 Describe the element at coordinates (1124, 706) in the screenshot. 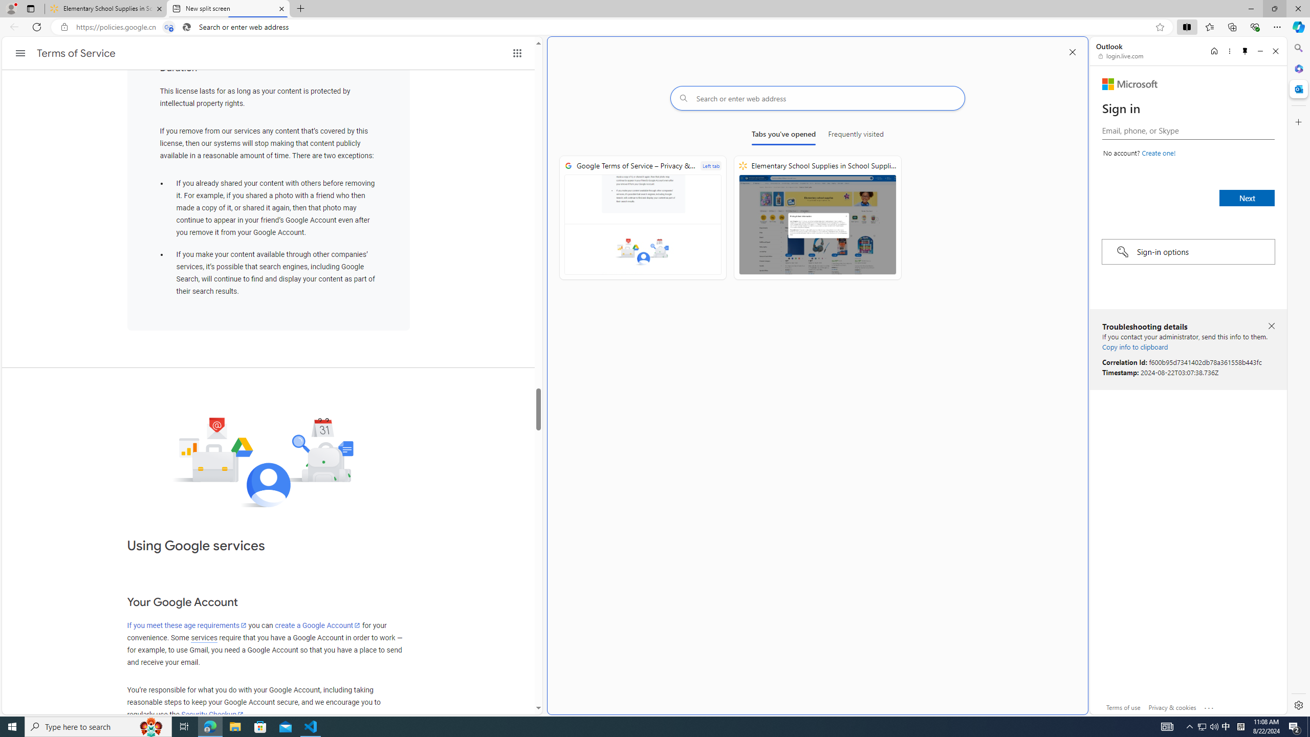

I see `'Terms of use'` at that location.